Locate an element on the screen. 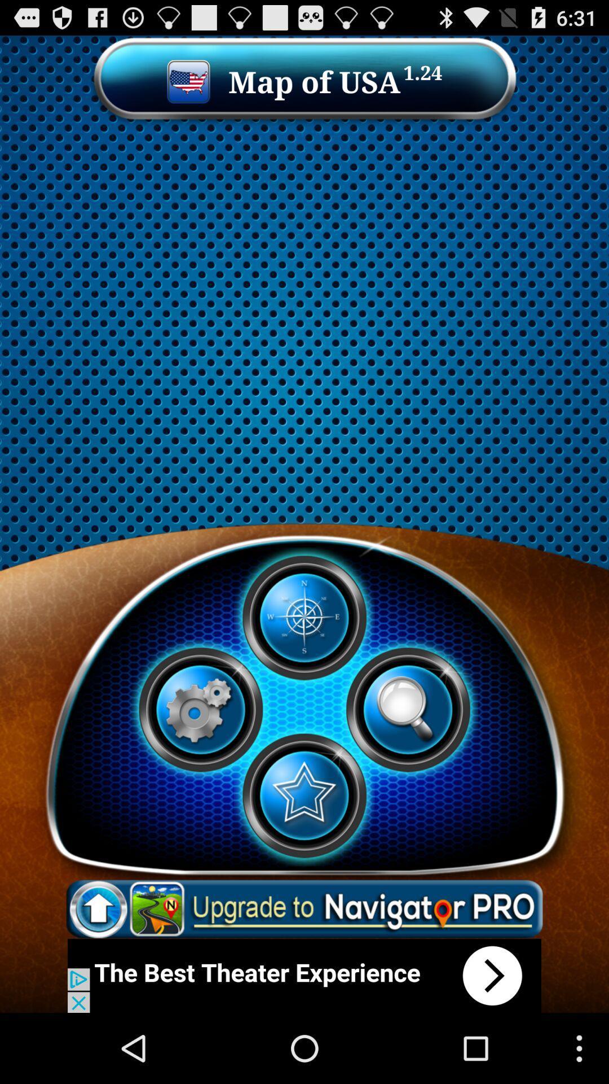 This screenshot has width=609, height=1084. the element is an advertisement is located at coordinates (304, 975).